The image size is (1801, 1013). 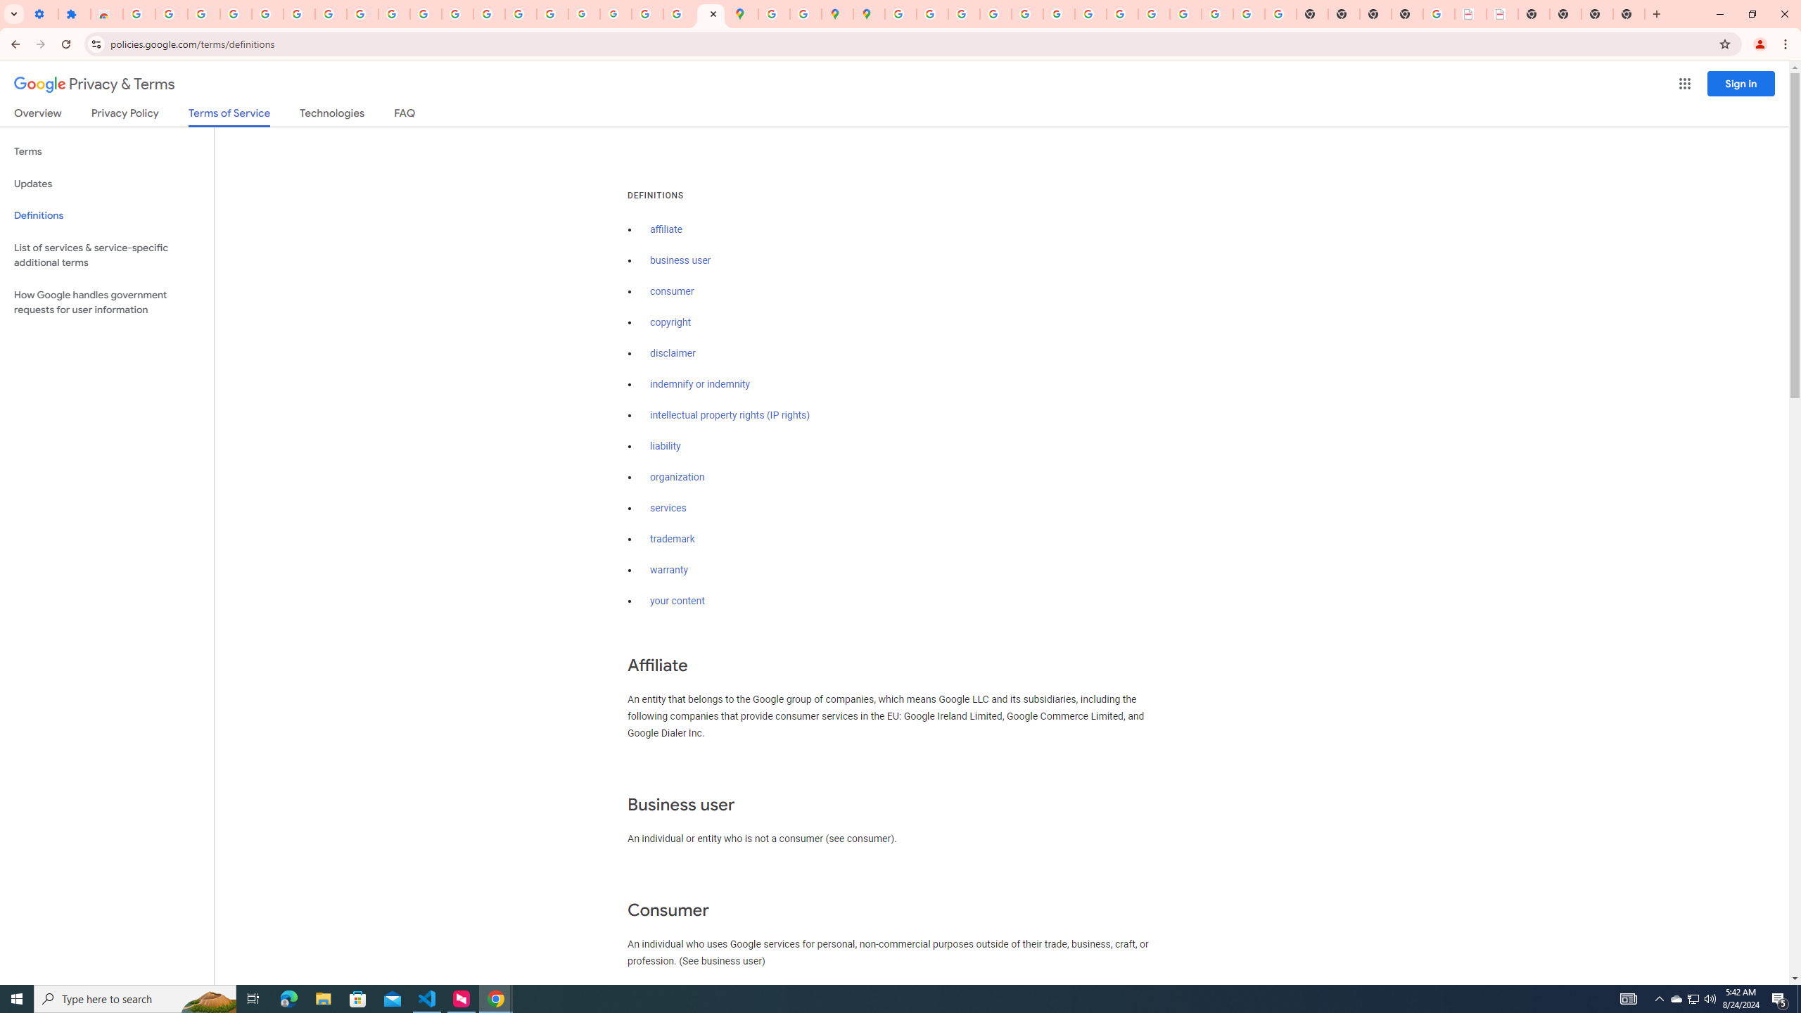 I want to click on 'View site information', so click(x=95, y=43).